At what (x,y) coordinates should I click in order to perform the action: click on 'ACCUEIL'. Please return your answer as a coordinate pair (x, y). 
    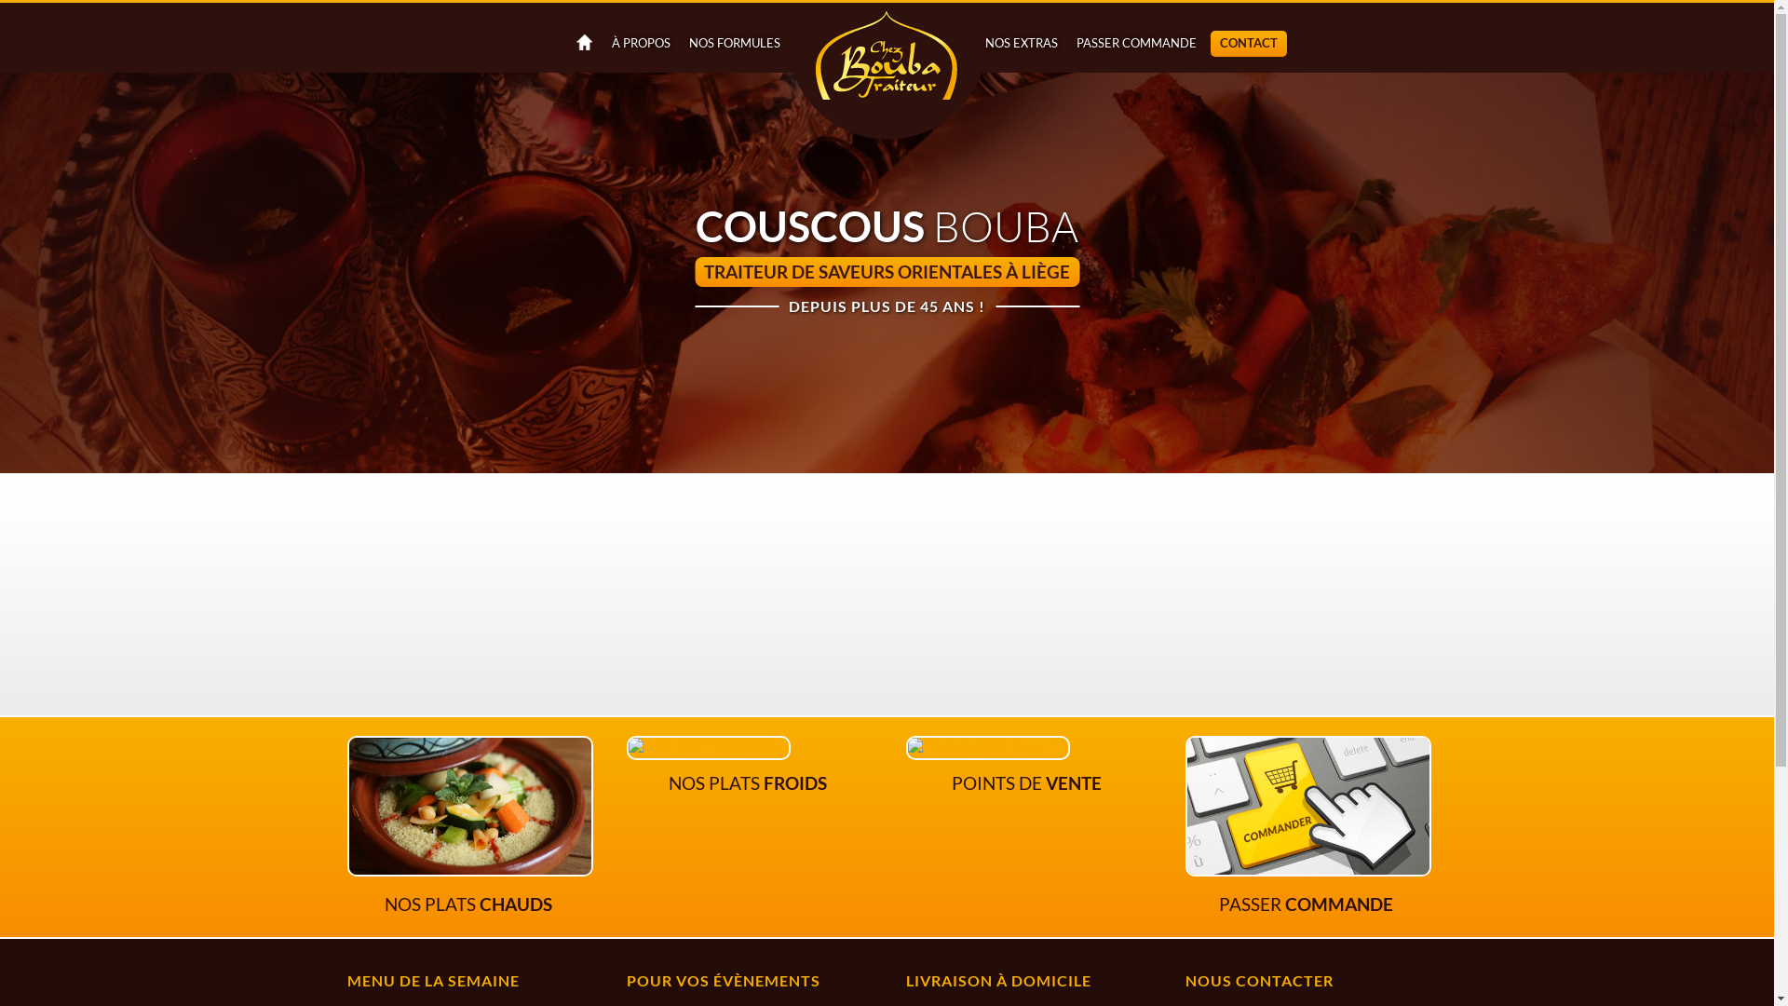
    Looking at the image, I should click on (580, 42).